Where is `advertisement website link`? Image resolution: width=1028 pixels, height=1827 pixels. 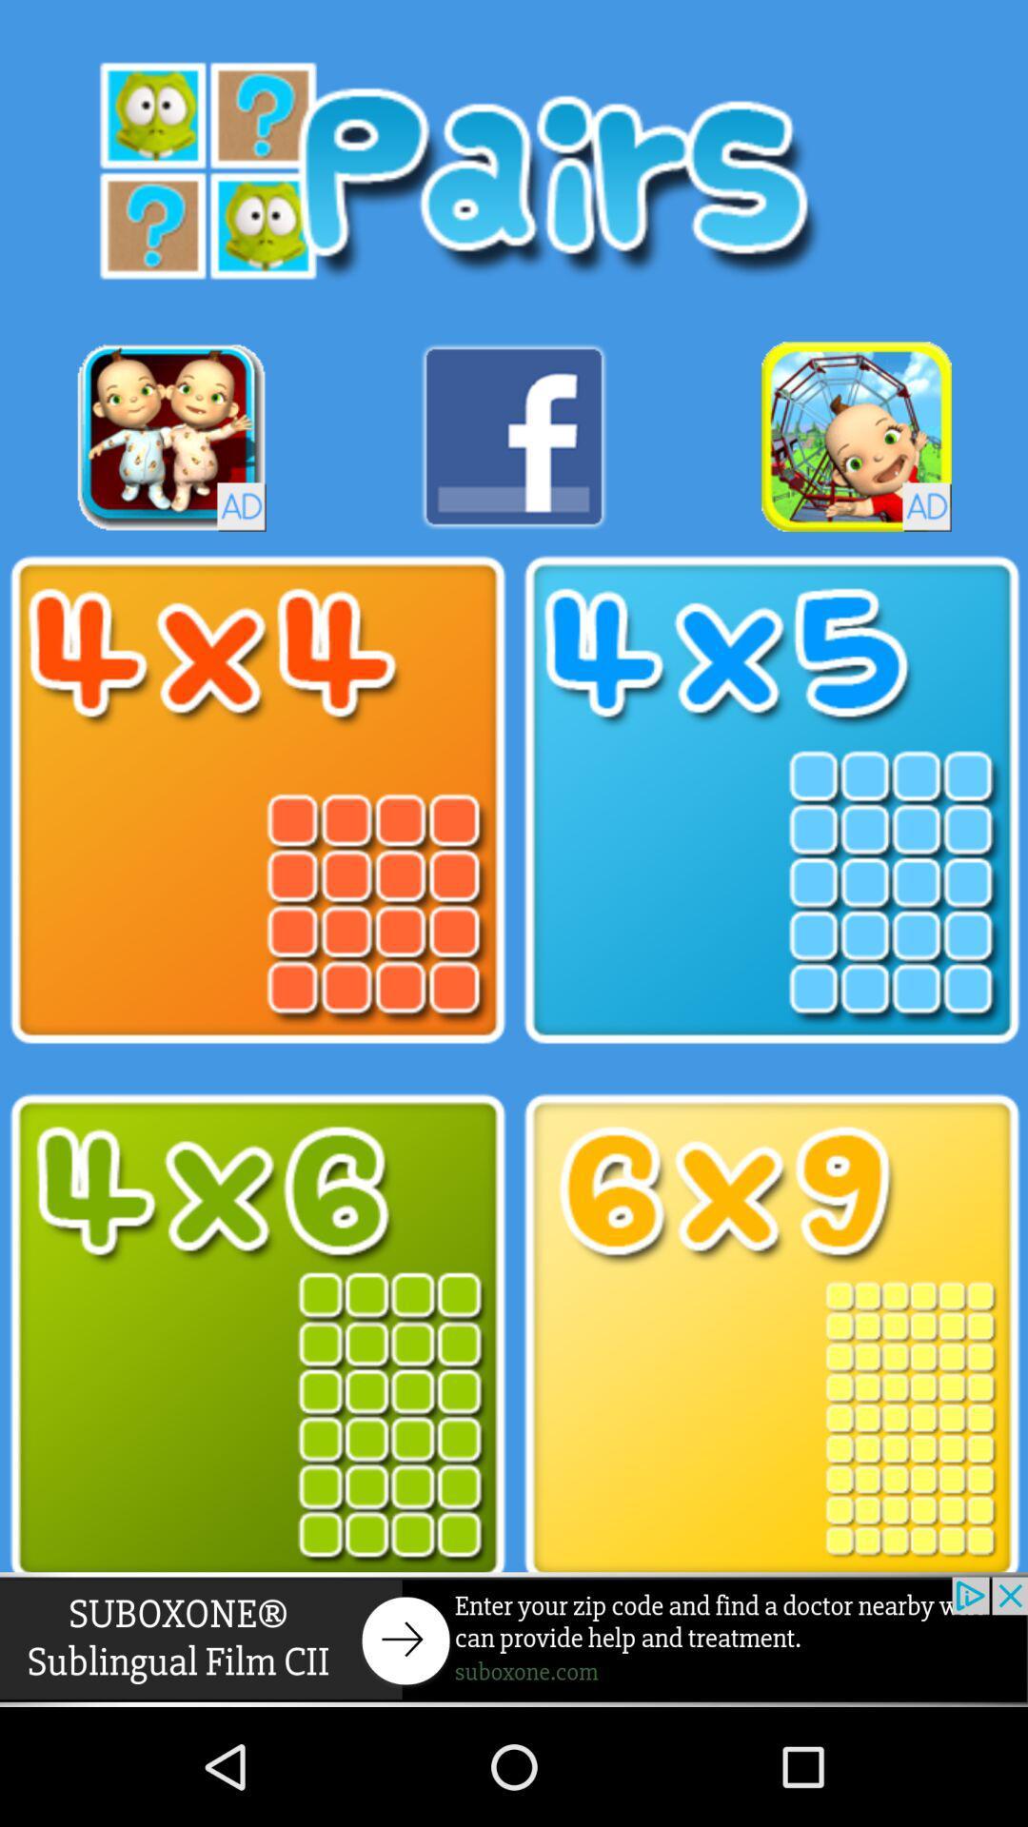
advertisement website link is located at coordinates (514, 1639).